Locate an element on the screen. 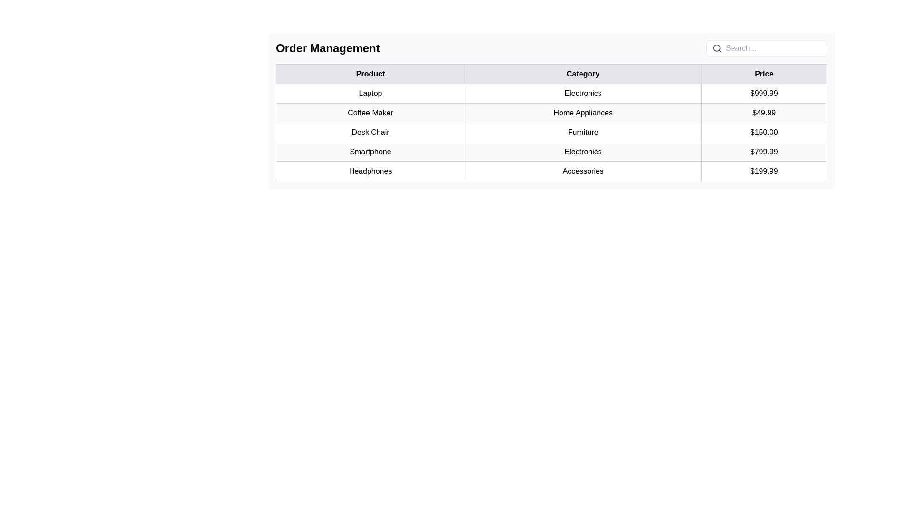  data from the first row of the product table, which includes the product's name, category, and price is located at coordinates (551, 93).